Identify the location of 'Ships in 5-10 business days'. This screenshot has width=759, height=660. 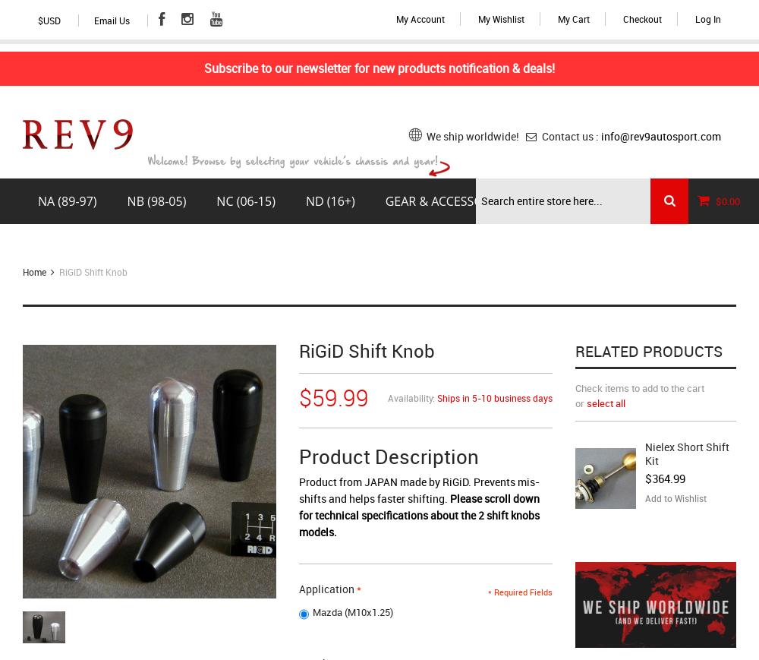
(436, 398).